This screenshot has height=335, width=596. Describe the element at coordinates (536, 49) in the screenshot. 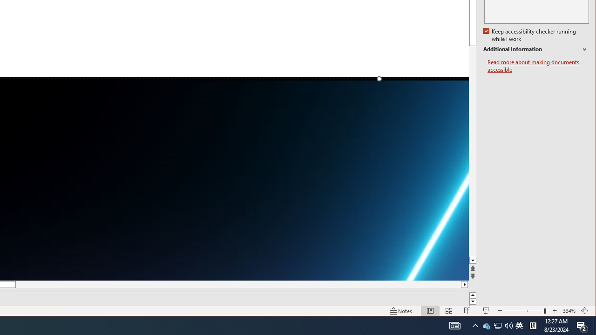

I see `'Additional Information'` at that location.